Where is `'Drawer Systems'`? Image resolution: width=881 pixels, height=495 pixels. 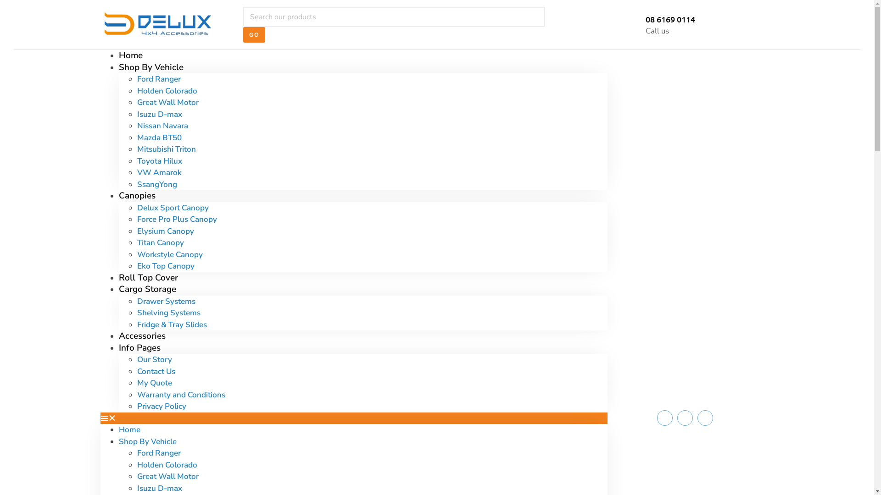
'Drawer Systems' is located at coordinates (166, 301).